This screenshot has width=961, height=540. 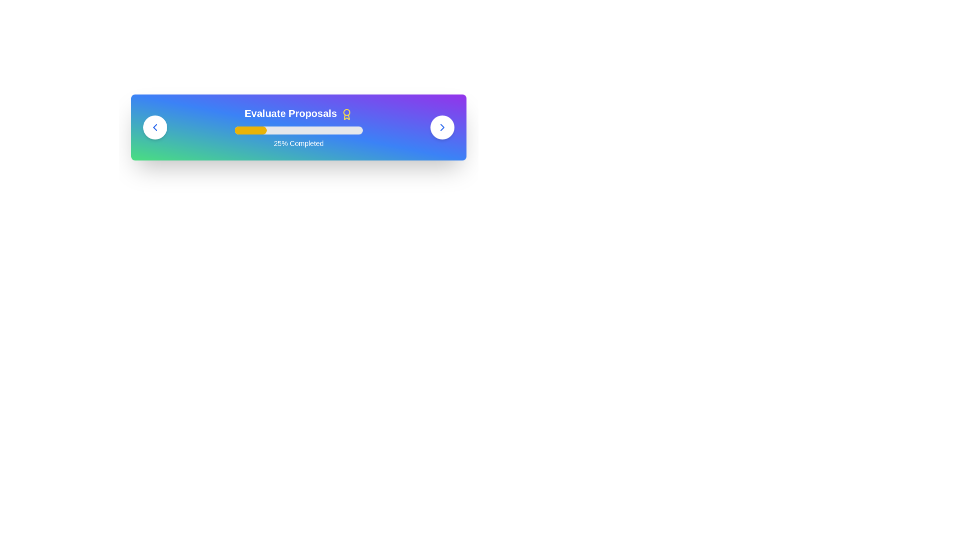 I want to click on the circular button with a white background and a left-pointing chevron icon in blue, so click(x=155, y=126).